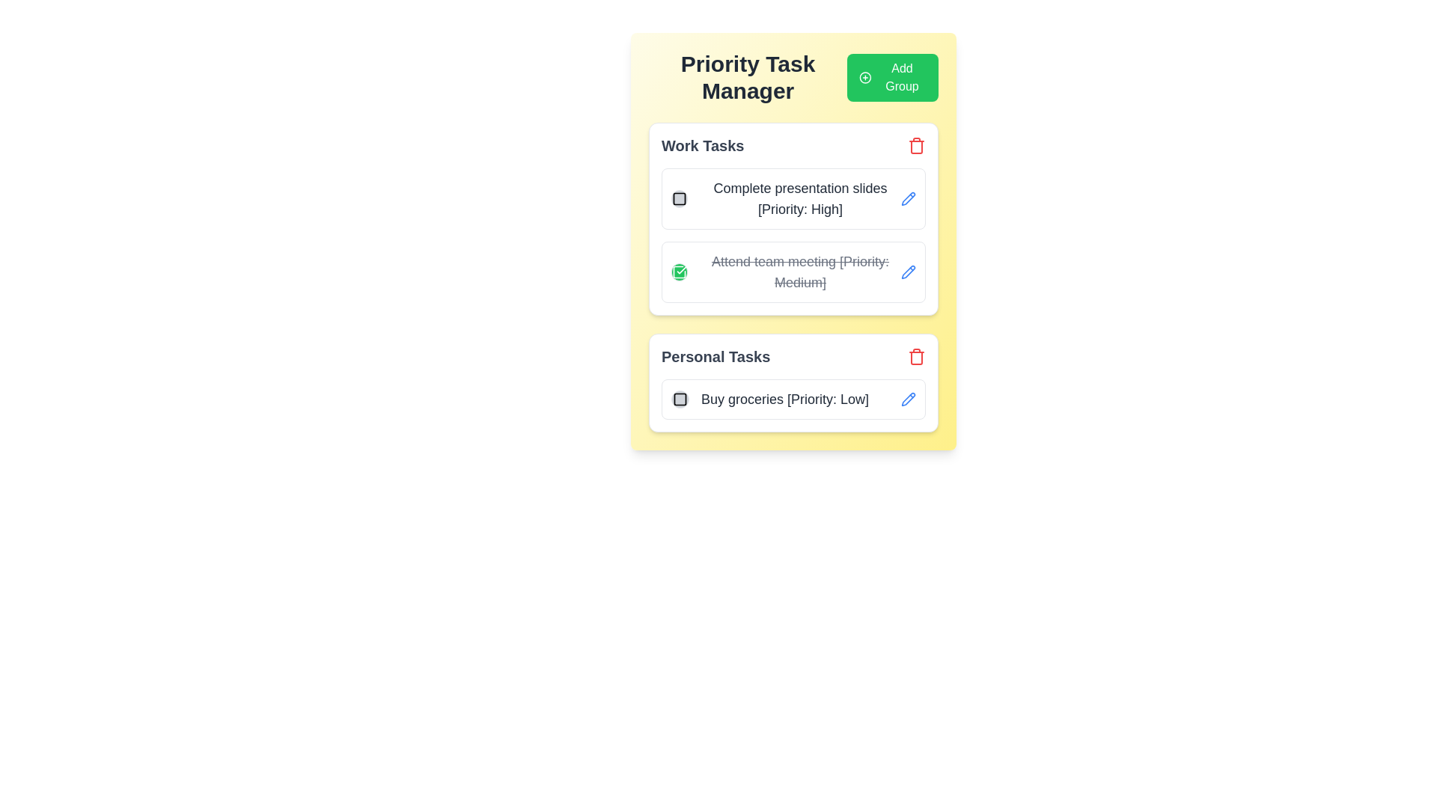  What do you see at coordinates (715, 357) in the screenshot?
I see `the 'Personal Tasks' text label, which is styled in a large, bold font and serves as a section header in dark gray color` at bounding box center [715, 357].